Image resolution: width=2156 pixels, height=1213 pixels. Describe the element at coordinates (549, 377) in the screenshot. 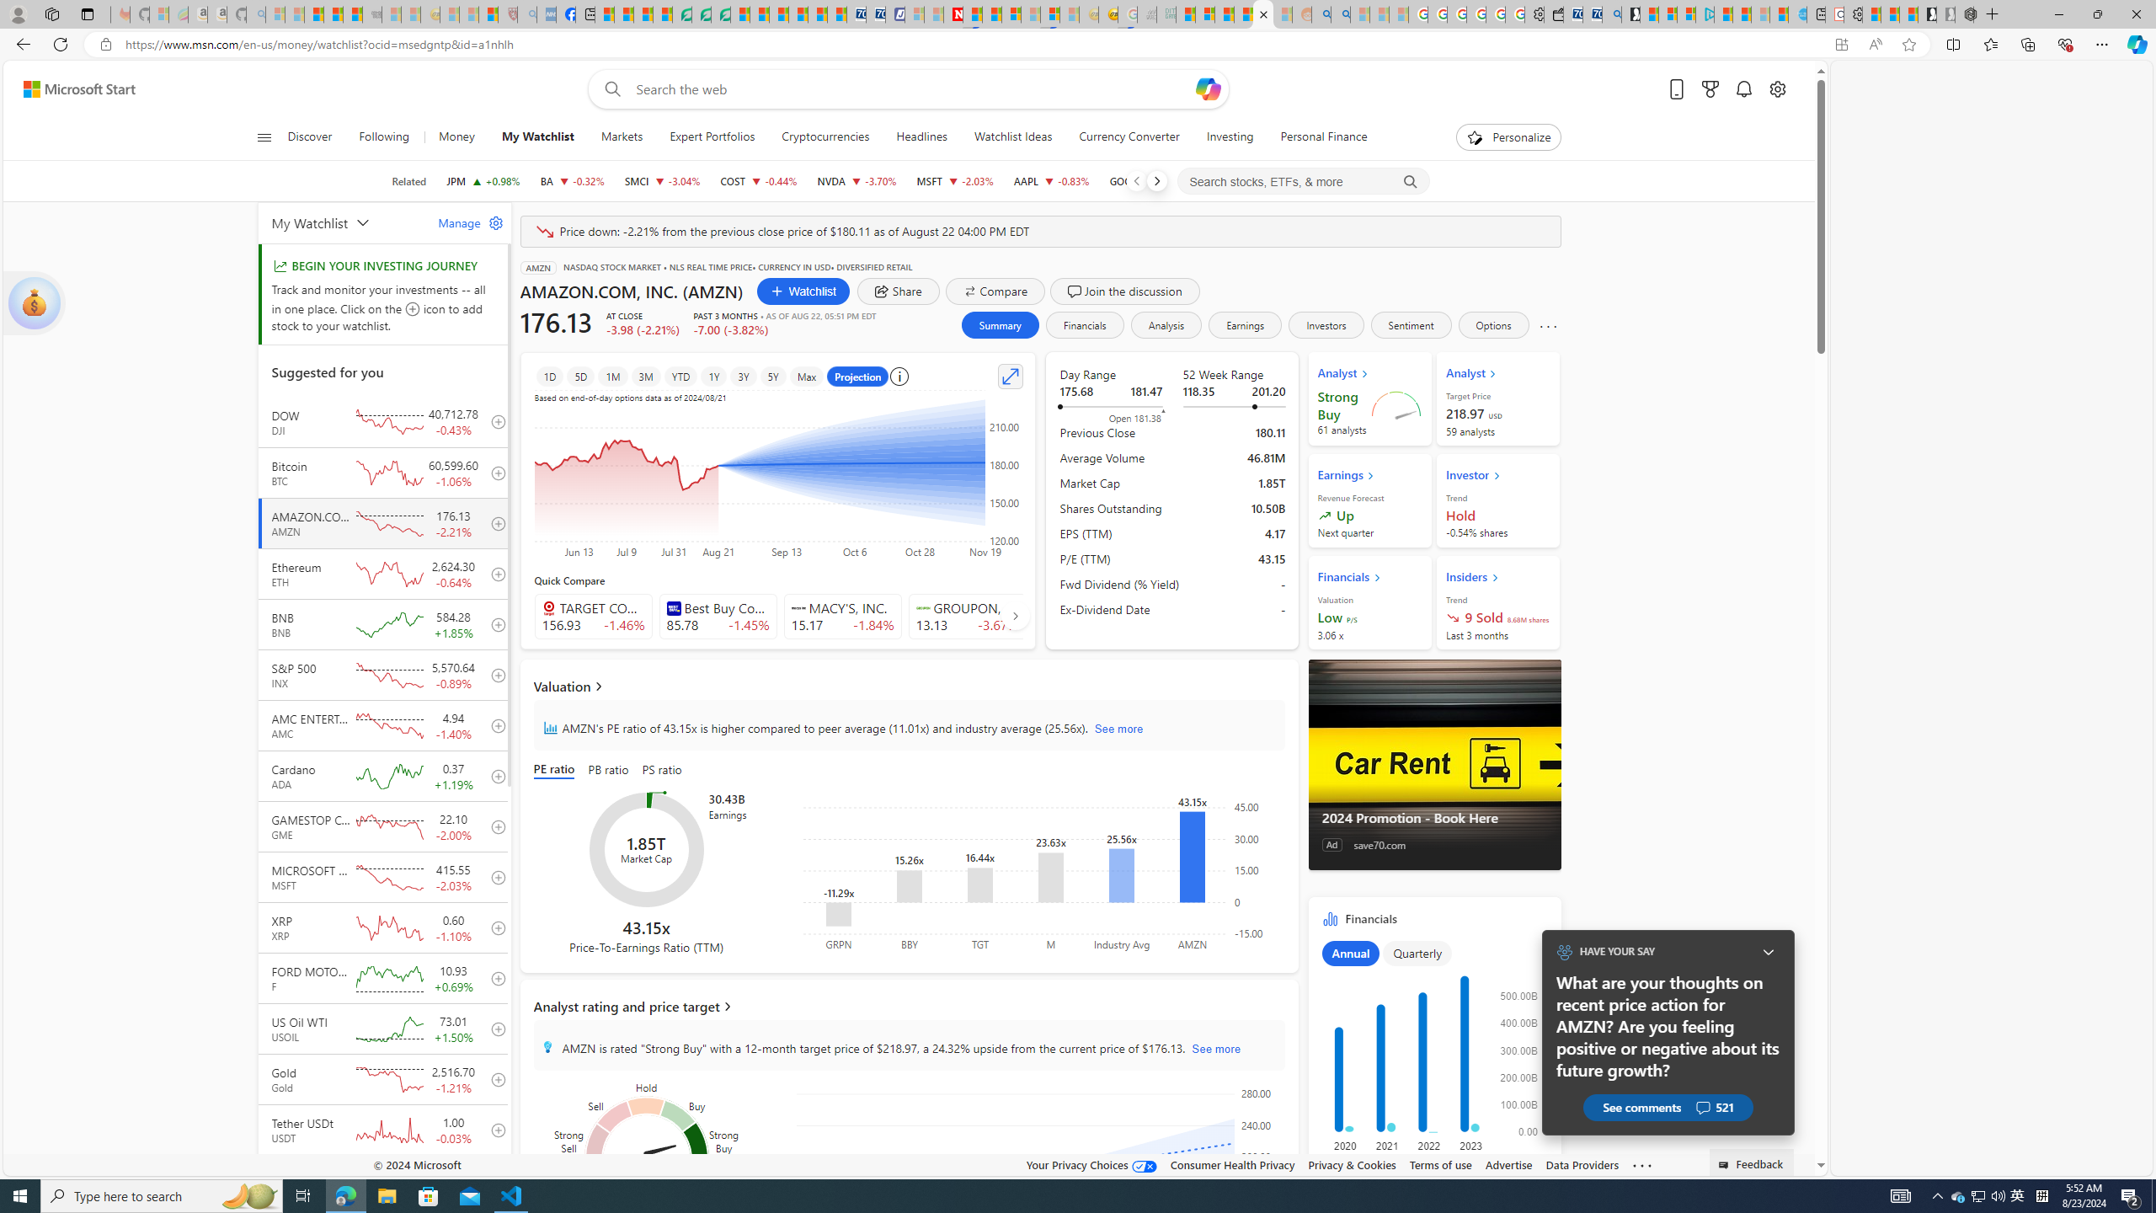

I see `'1D'` at that location.